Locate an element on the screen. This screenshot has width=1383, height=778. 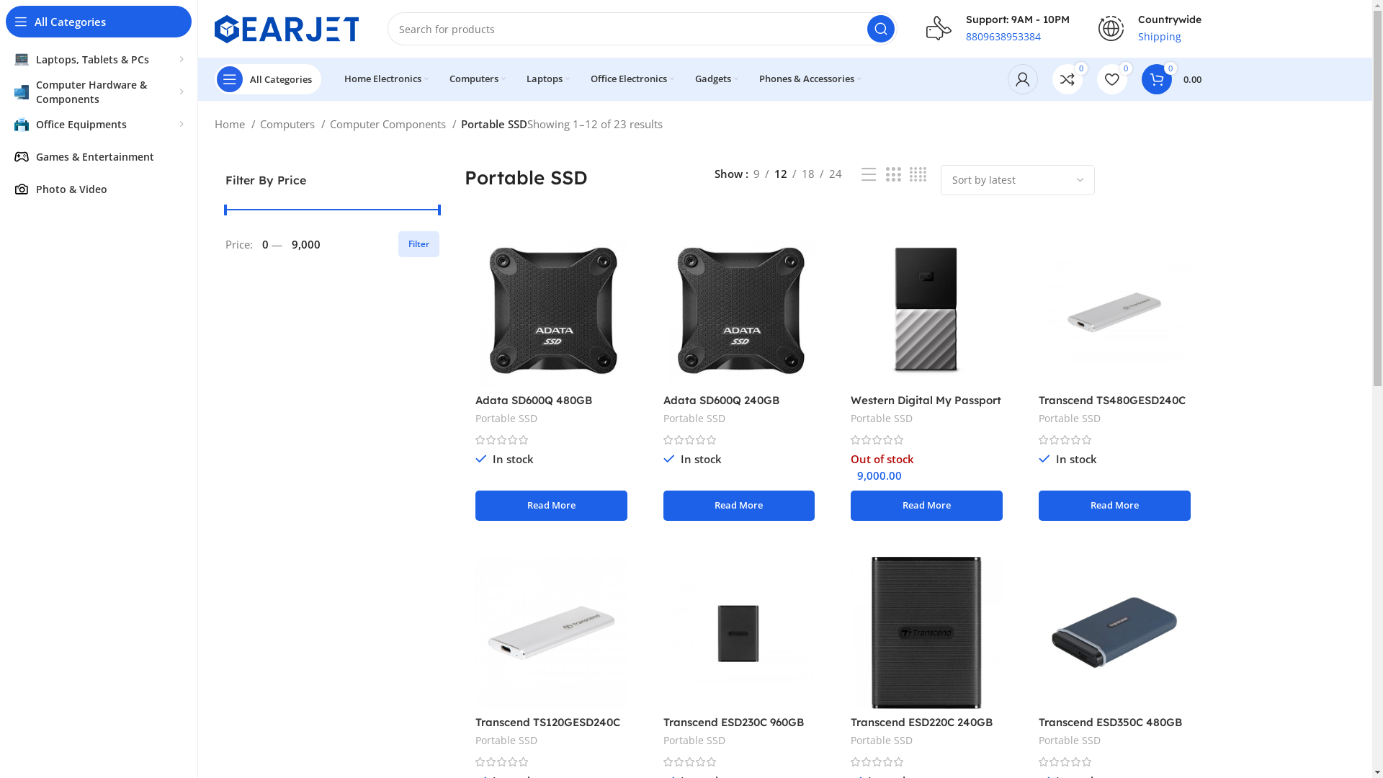
'Filter' is located at coordinates (418, 243).